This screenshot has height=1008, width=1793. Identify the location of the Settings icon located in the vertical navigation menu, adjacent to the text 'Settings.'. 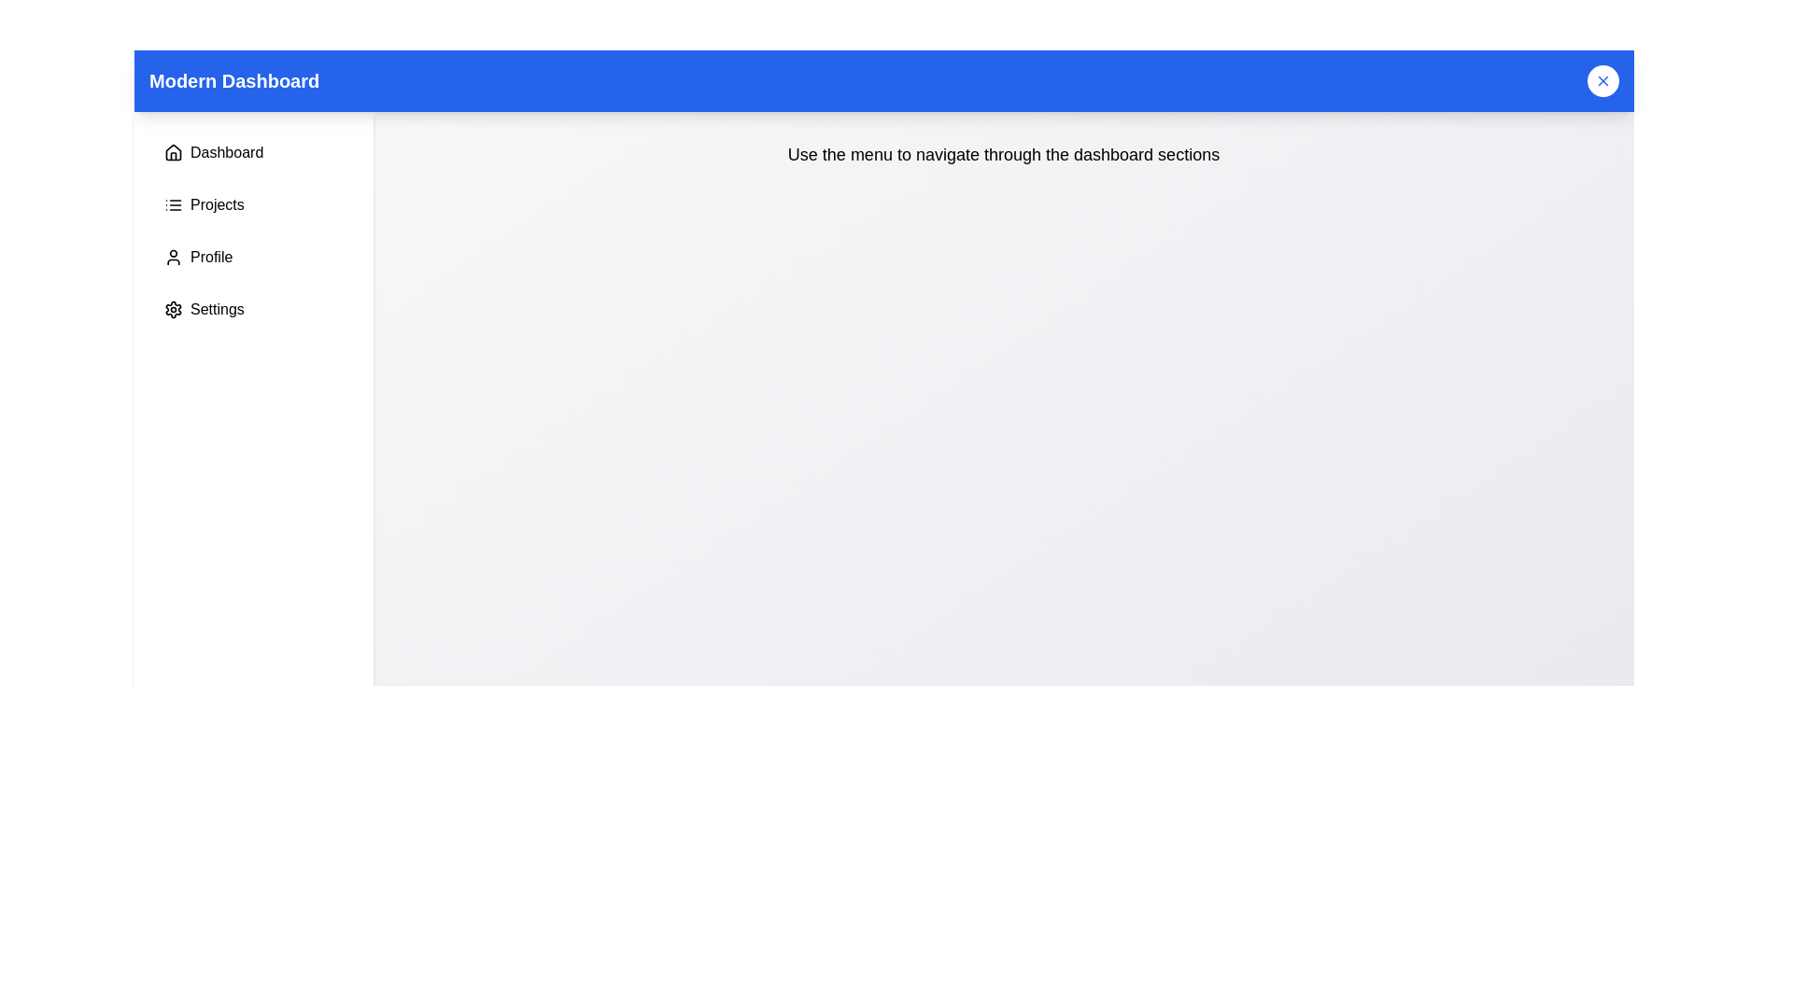
(174, 308).